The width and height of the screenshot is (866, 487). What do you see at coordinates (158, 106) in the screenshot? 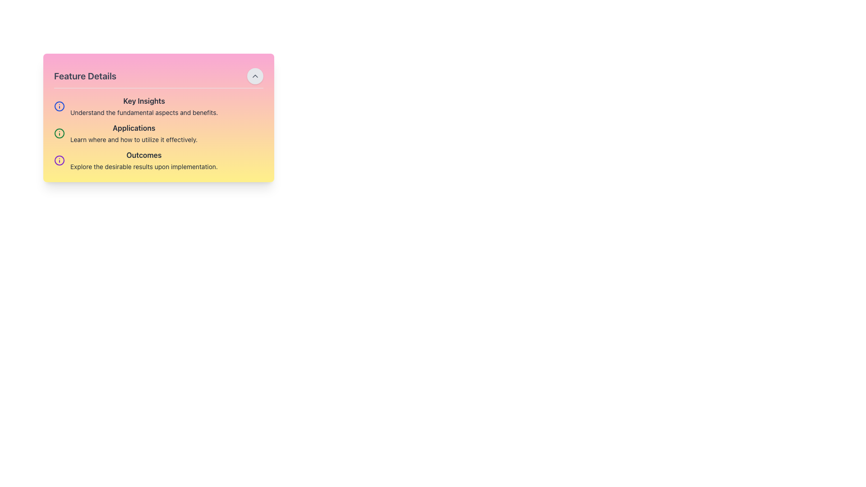
I see `textual content of the 'Key Insights' block, which includes the title and description about the fundamental aspects and benefits` at bounding box center [158, 106].